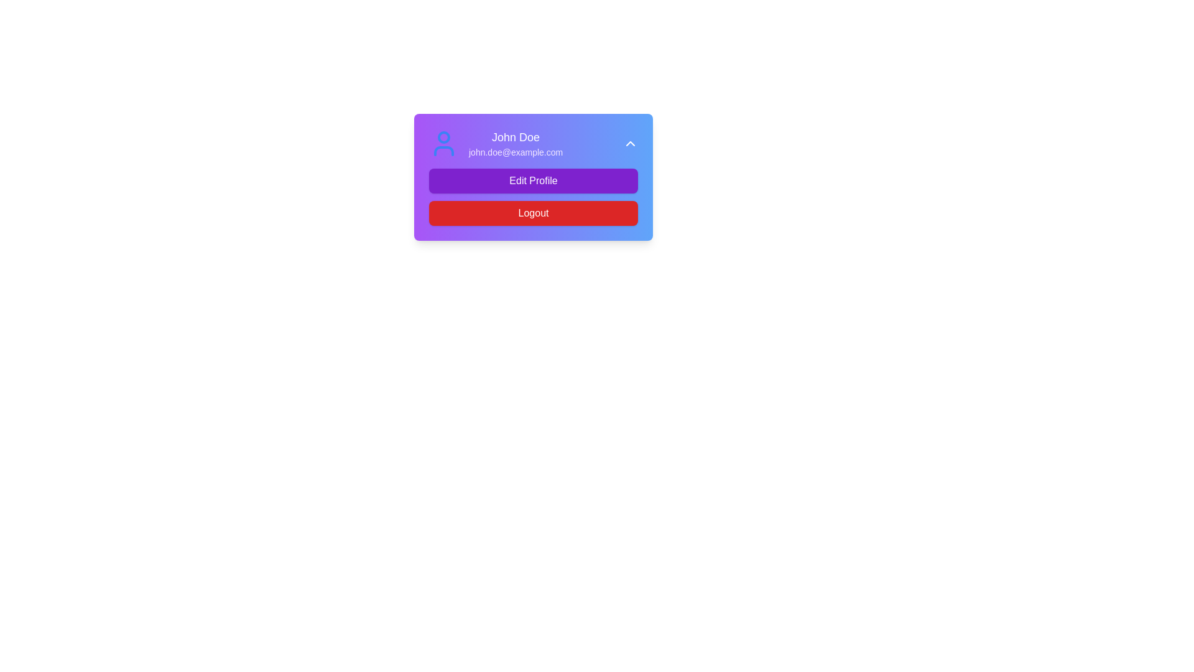 This screenshot has width=1194, height=672. What do you see at coordinates (534, 143) in the screenshot?
I see `the text 'John Doe' in the Profile Summary Section` at bounding box center [534, 143].